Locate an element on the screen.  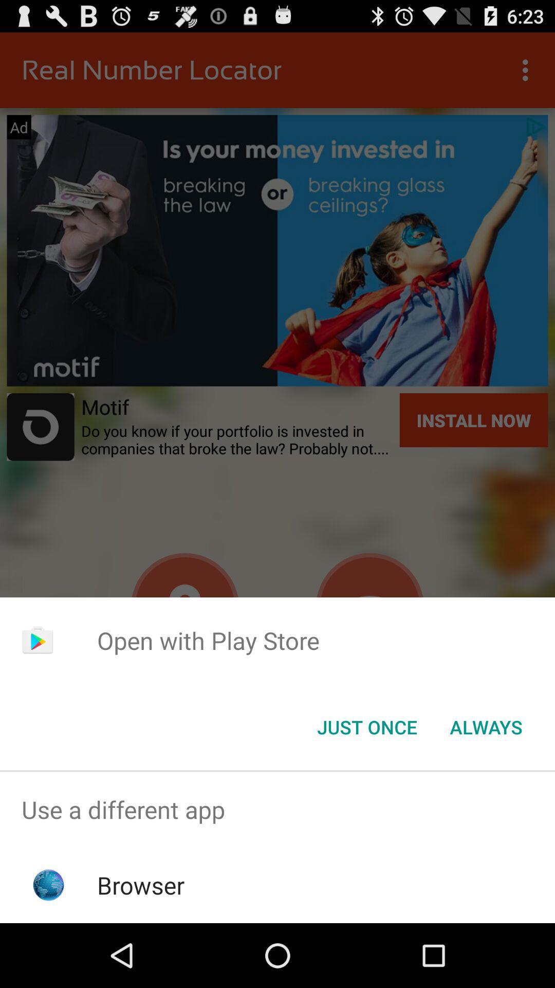
the use a different item is located at coordinates (277, 809).